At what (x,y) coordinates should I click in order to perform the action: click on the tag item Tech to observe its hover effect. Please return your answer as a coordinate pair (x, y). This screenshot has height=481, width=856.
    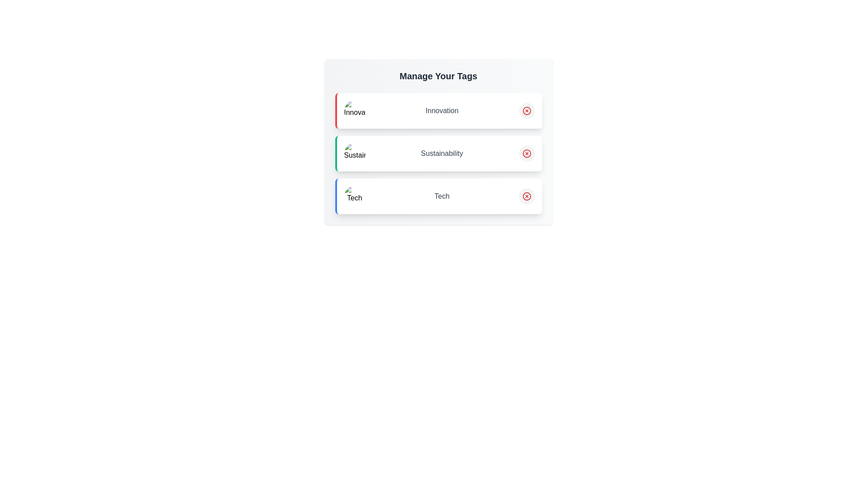
    Looking at the image, I should click on (438, 196).